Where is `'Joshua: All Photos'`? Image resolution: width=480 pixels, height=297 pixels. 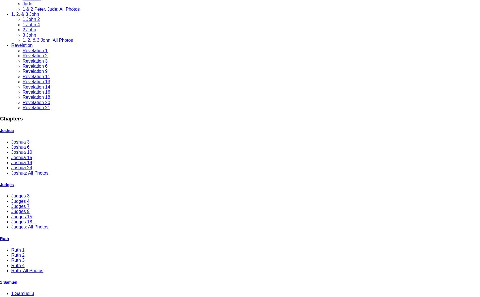
'Joshua: All Photos' is located at coordinates (30, 173).